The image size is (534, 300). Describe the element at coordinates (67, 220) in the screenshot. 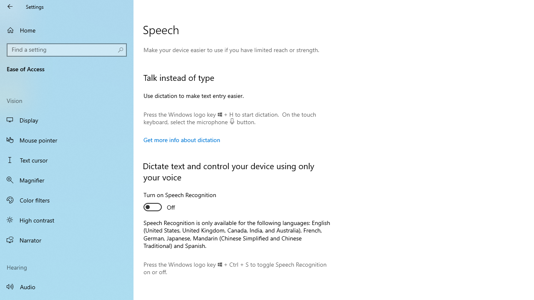

I see `'High contrast'` at that location.